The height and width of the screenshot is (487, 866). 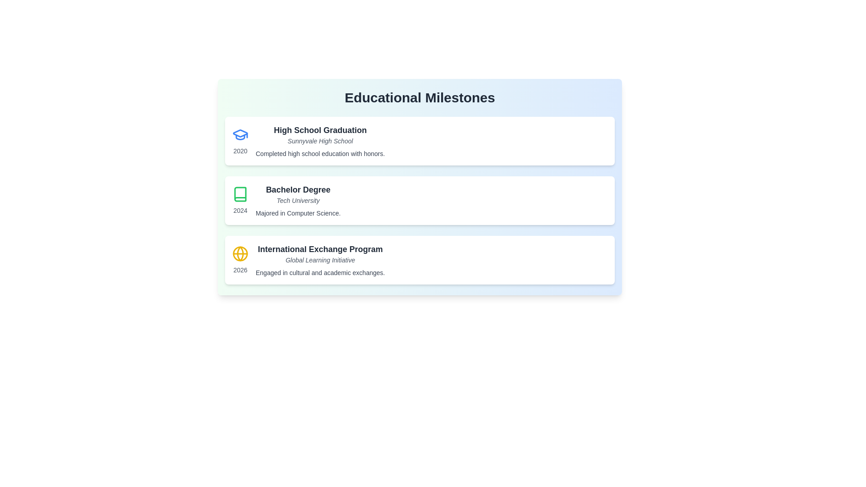 What do you see at coordinates (320, 260) in the screenshot?
I see `text label positioned below the title 'International Exchange Program', which provides supplementary details or a tagline` at bounding box center [320, 260].